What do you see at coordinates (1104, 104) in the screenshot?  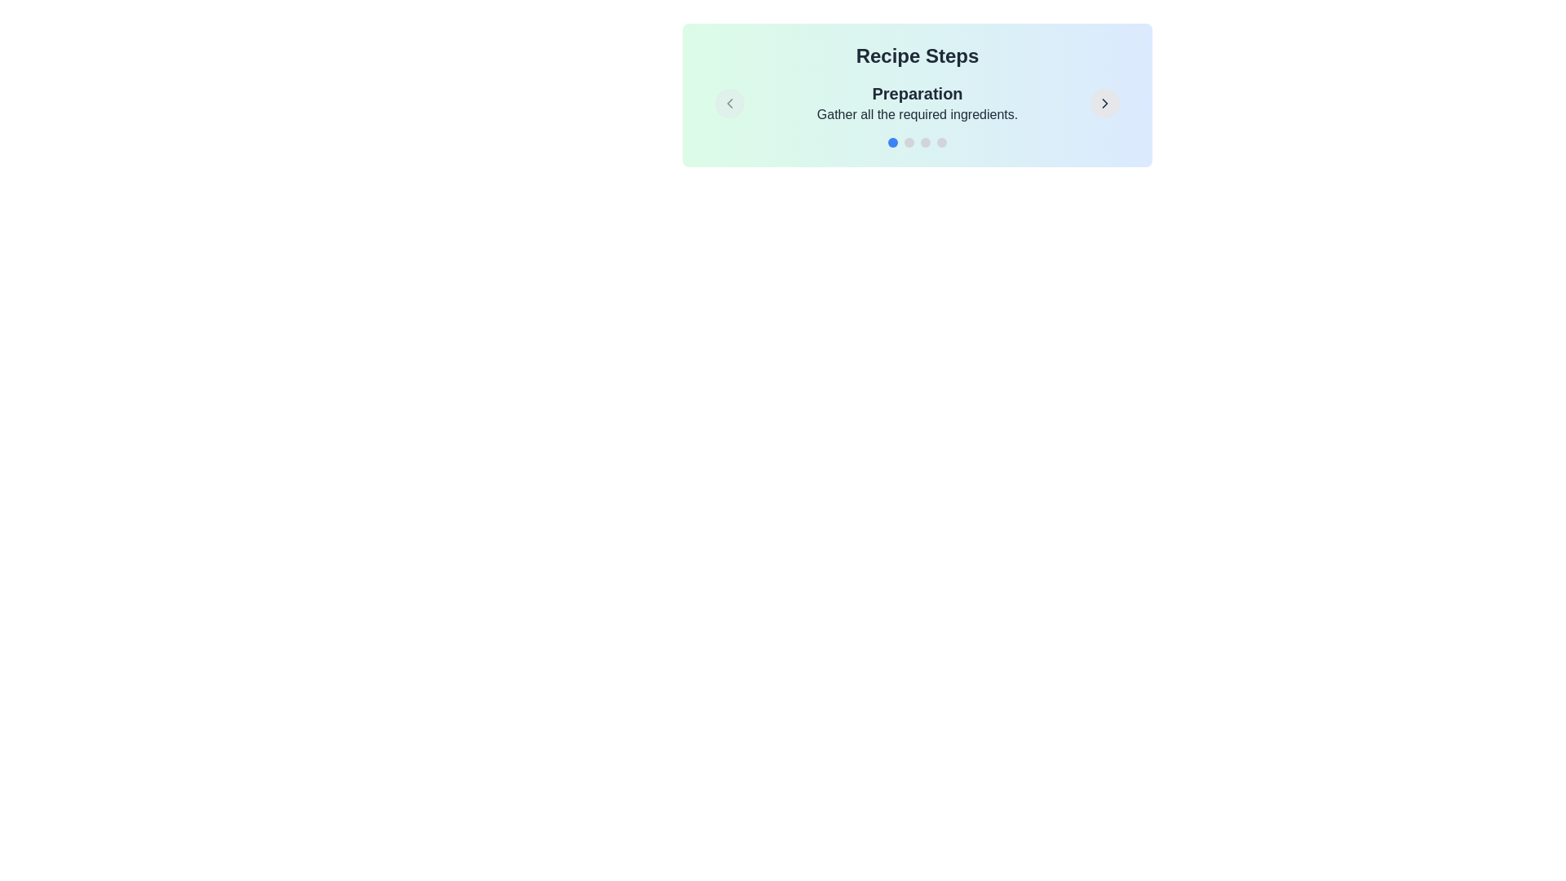 I see `the circular button with a light gray background and a right-pointing chevron icon at the center` at bounding box center [1104, 104].